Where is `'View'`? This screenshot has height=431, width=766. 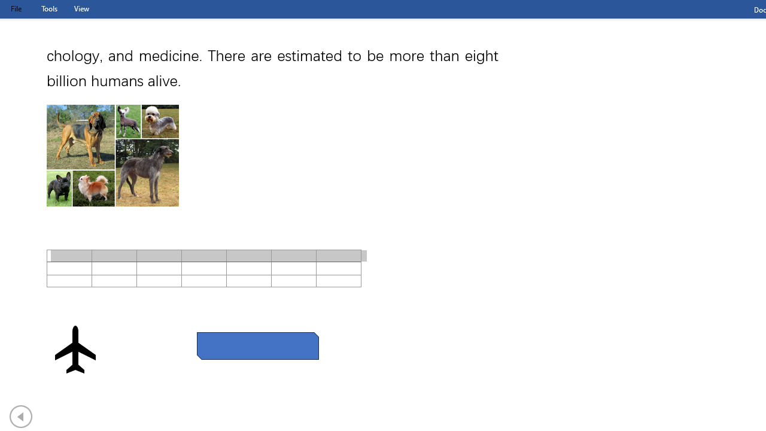 'View' is located at coordinates (81, 8).